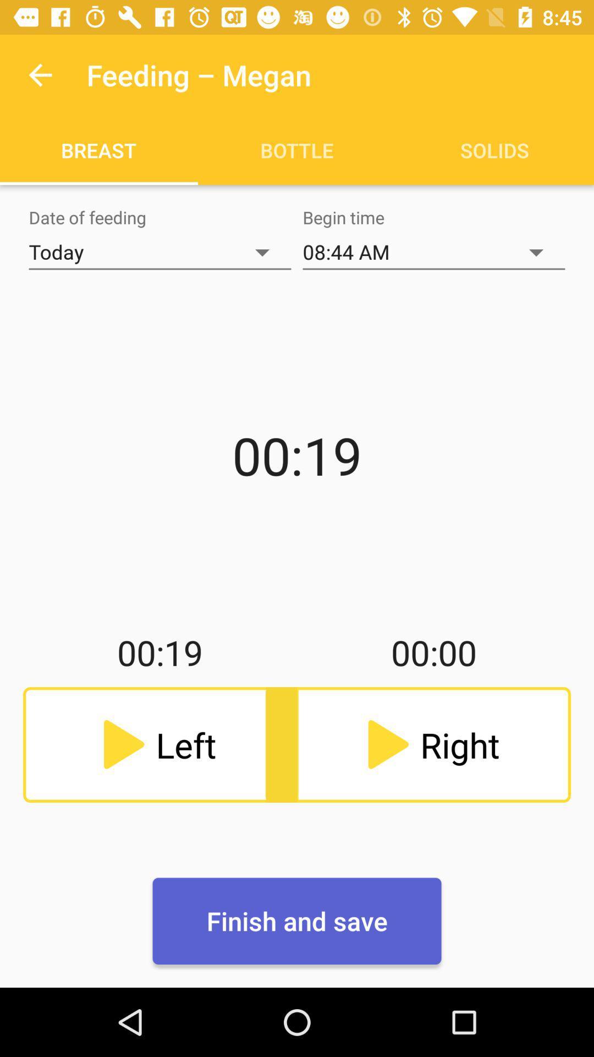 The height and width of the screenshot is (1057, 594). I want to click on the item below the bottle item, so click(433, 252).